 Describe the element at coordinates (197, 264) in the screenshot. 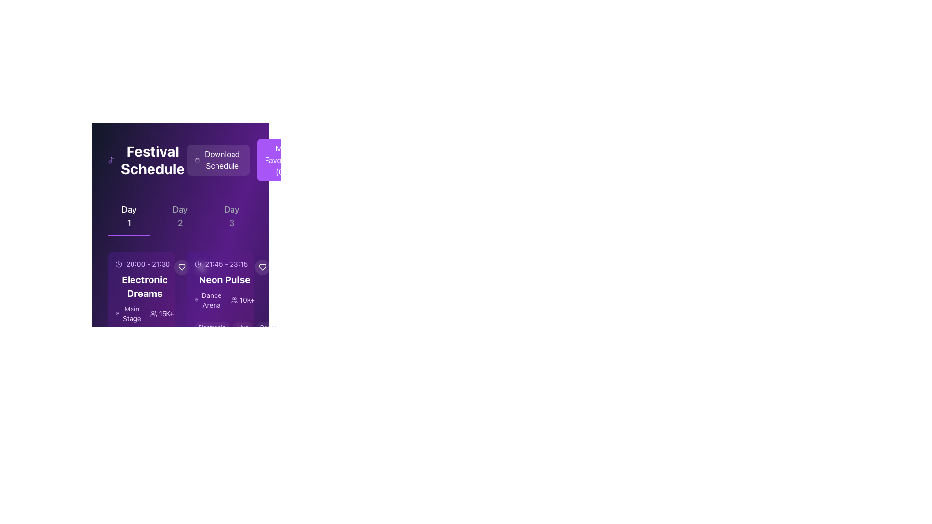

I see `the decorative circular vector shape representing a clock, which is part of the icon group associated with the event 'Neon Pulse', located above the text 'Dance Arena'` at that location.